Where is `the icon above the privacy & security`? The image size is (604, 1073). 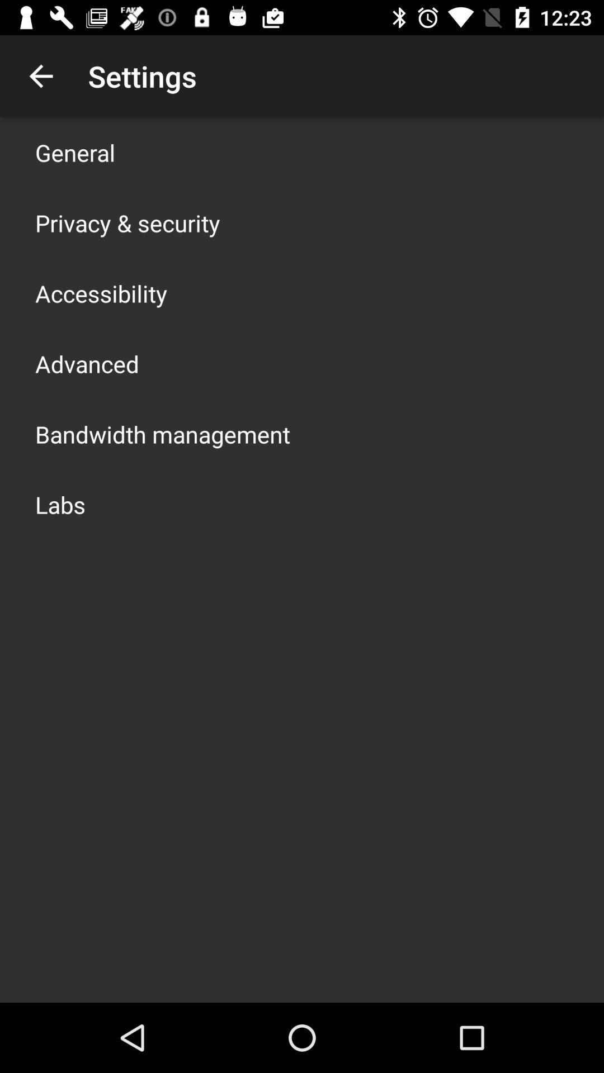
the icon above the privacy & security is located at coordinates (75, 152).